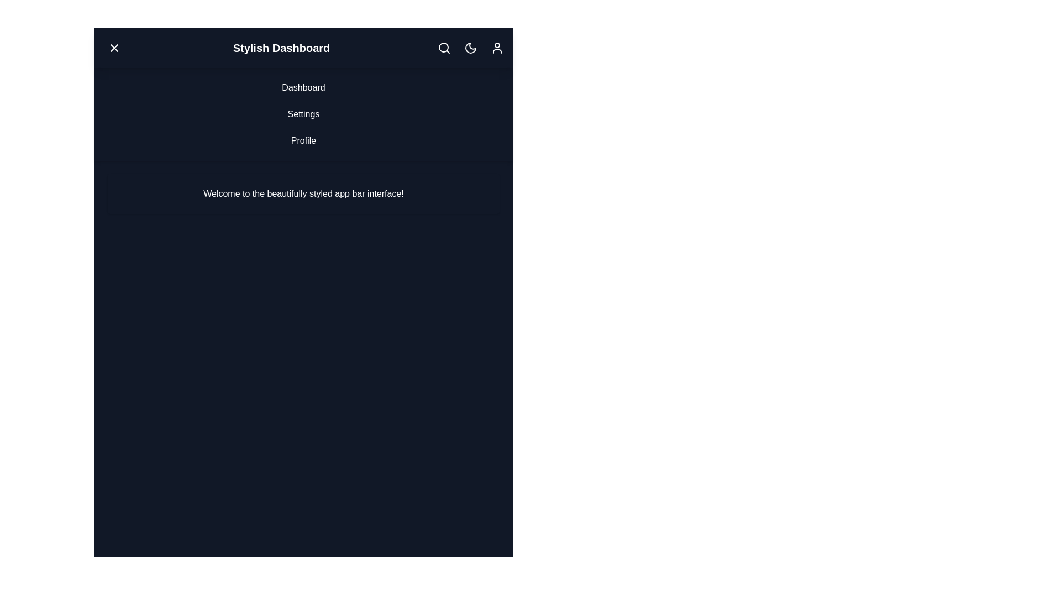 The height and width of the screenshot is (597, 1061). I want to click on the menu toggle button to toggle the menu visibility, so click(114, 48).